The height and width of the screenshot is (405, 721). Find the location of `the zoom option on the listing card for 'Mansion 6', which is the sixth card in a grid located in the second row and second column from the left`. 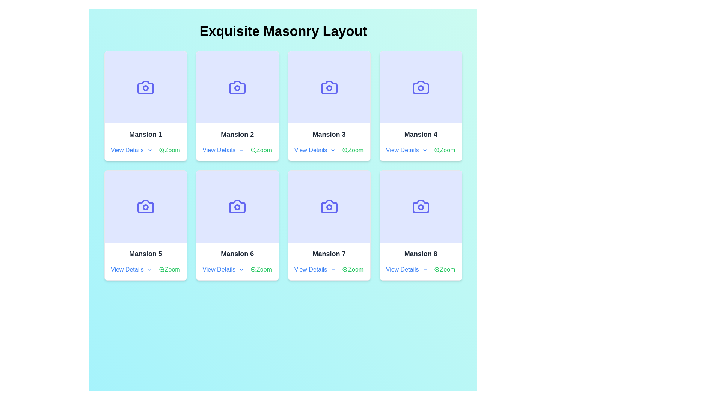

the zoom option on the listing card for 'Mansion 6', which is the sixth card in a grid located in the second row and second column from the left is located at coordinates (237, 225).